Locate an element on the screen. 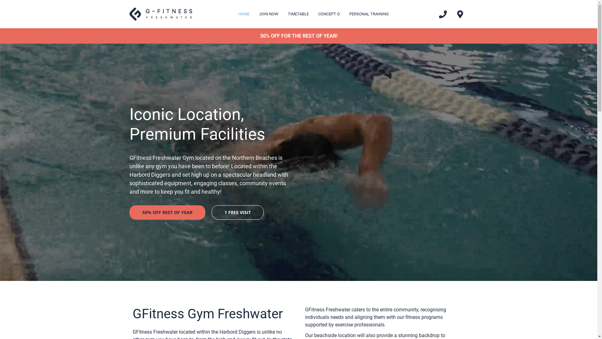  '50% OFF FOR THE REST OF YEAR!' is located at coordinates (298, 36).